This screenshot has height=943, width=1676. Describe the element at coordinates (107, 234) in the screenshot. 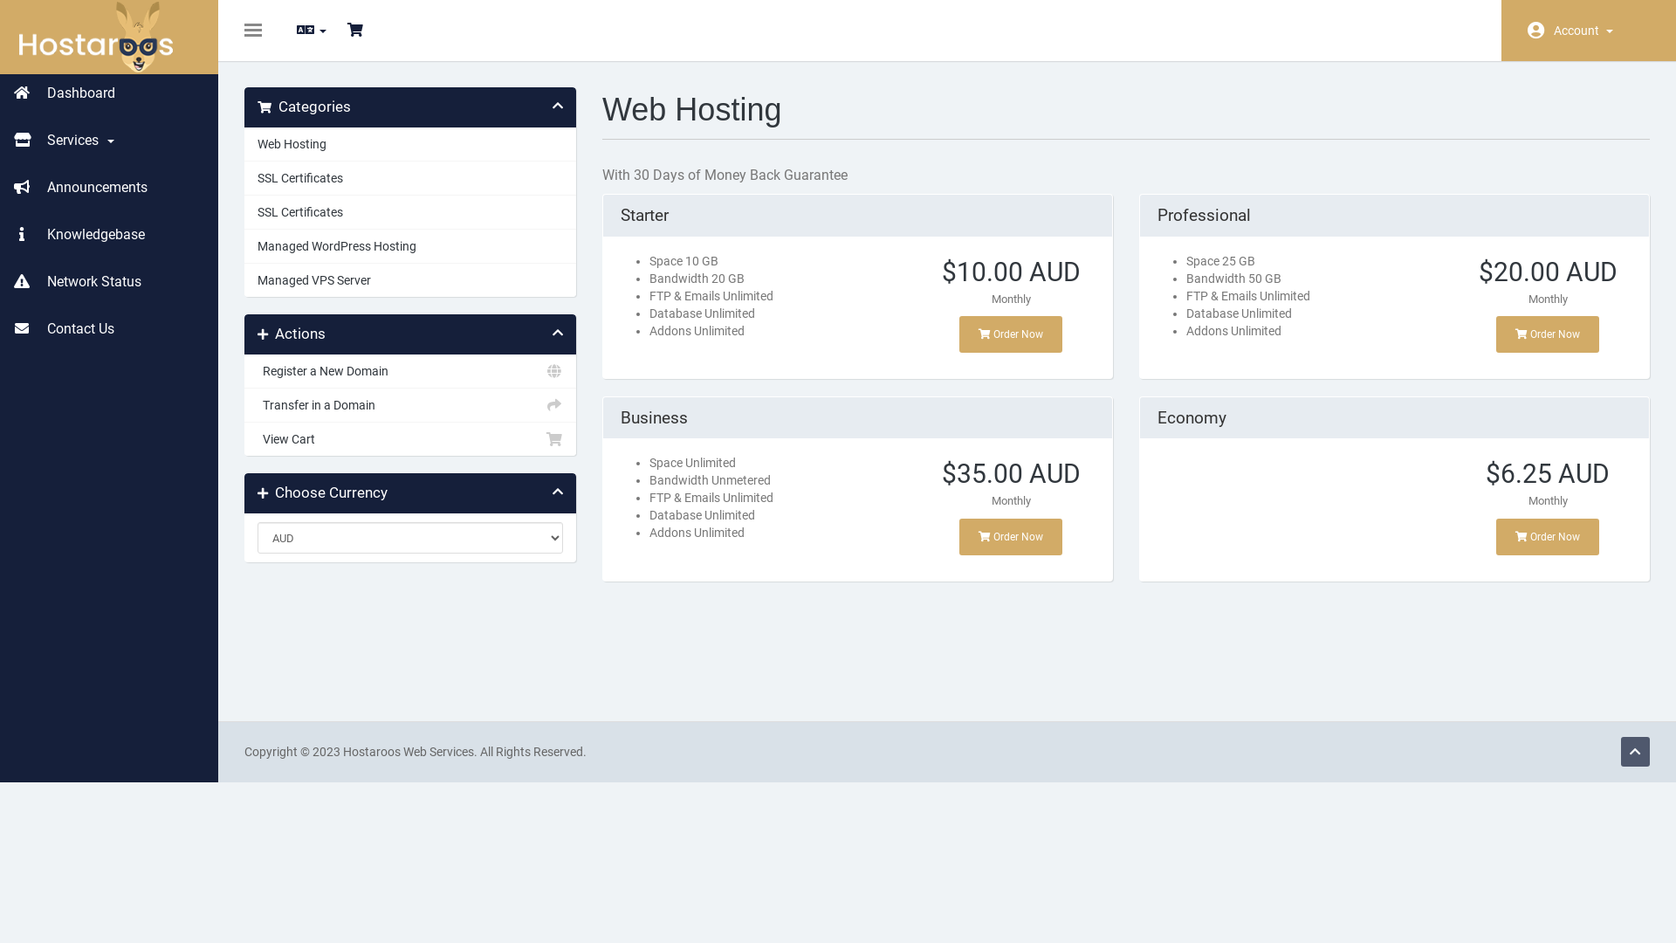

I see `'Knowledgebase'` at that location.